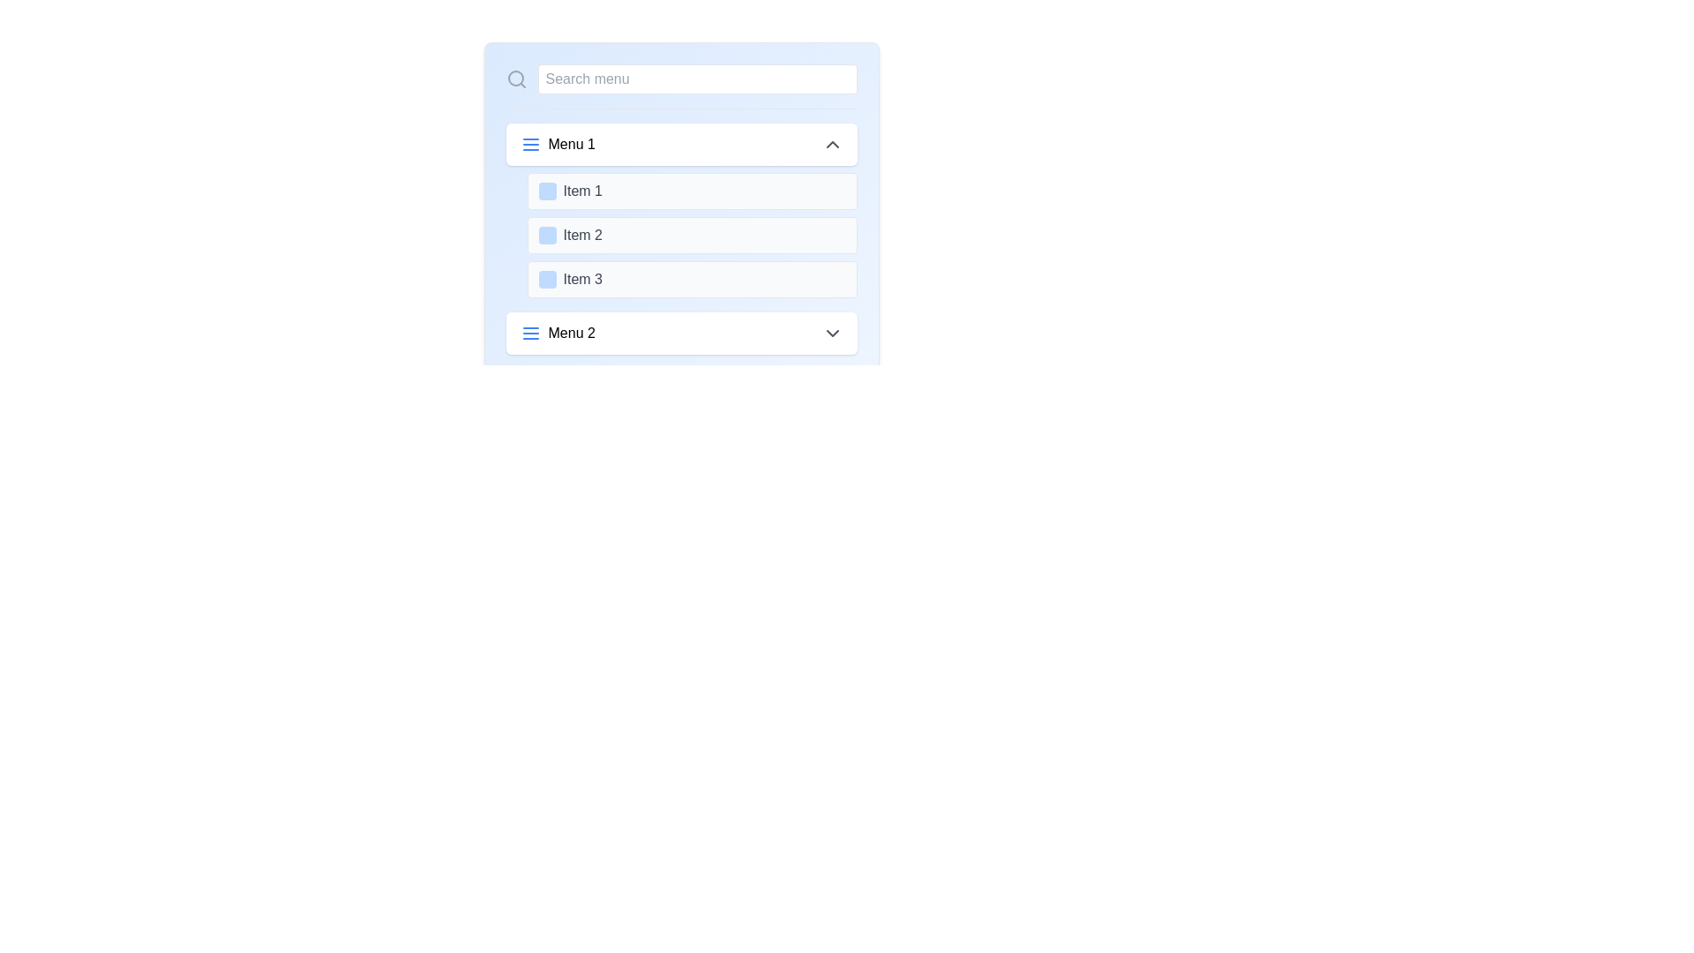 The height and width of the screenshot is (953, 1694). I want to click on the menu icon located to the left of the 'Menu 2' label to interact with the options it represents, so click(529, 334).